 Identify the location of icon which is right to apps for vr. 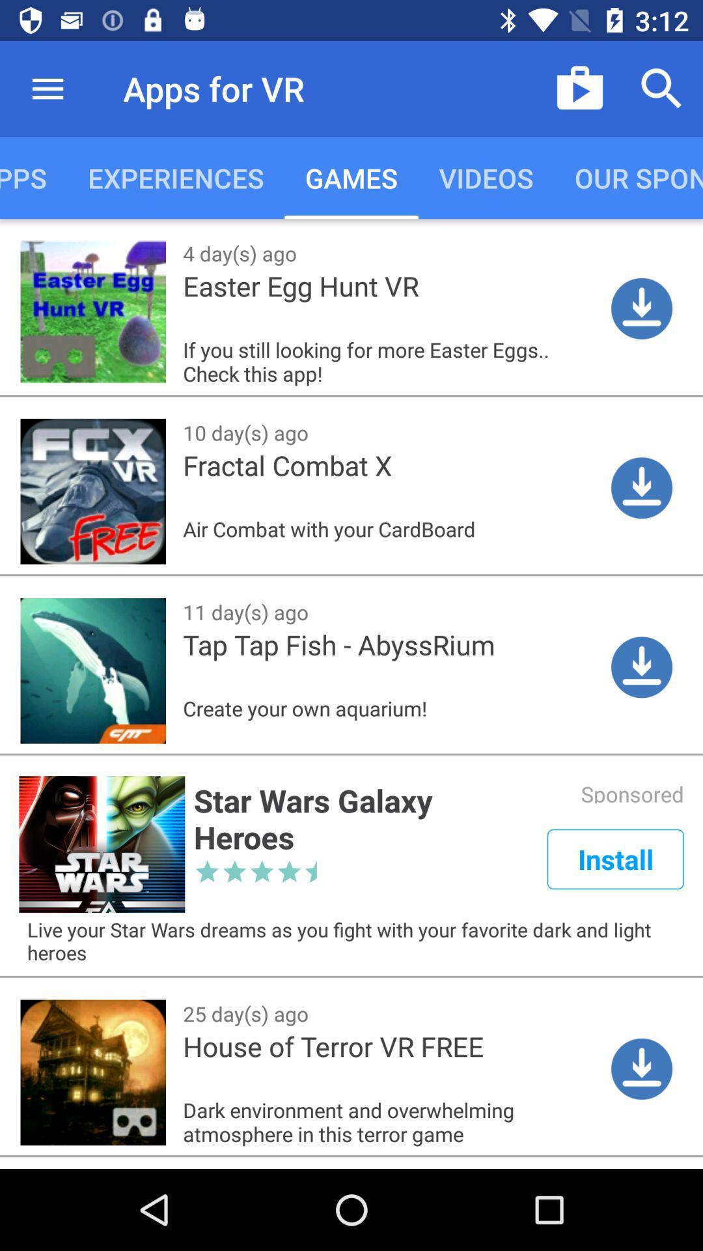
(579, 89).